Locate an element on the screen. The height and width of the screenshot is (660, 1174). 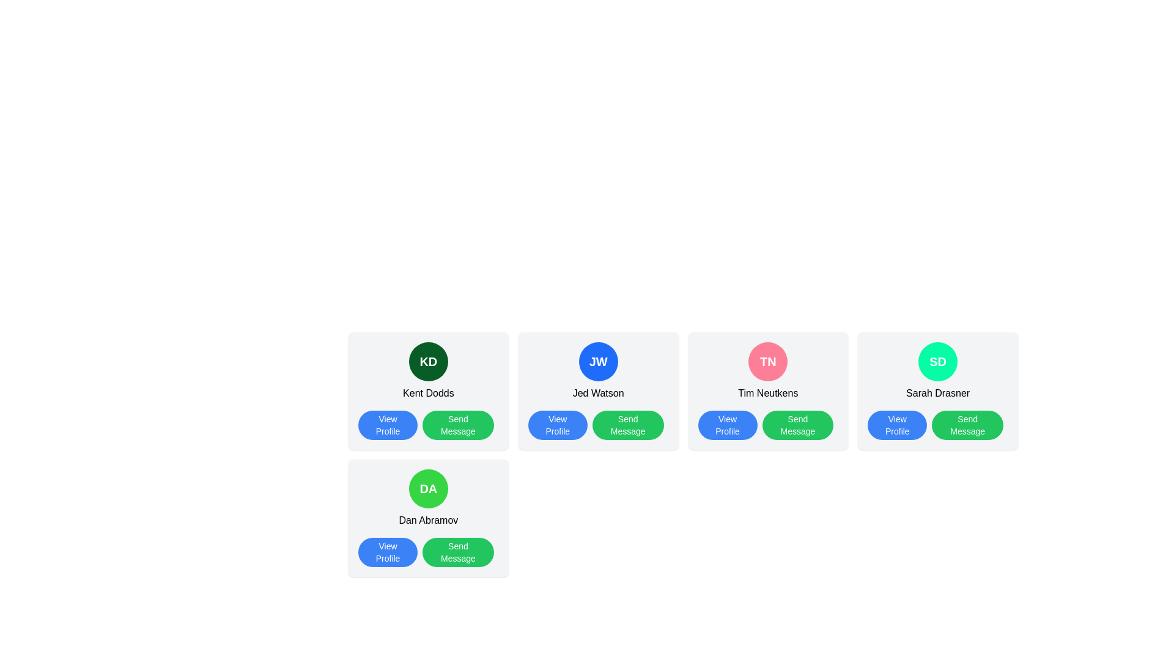
the button is located at coordinates (557, 424).